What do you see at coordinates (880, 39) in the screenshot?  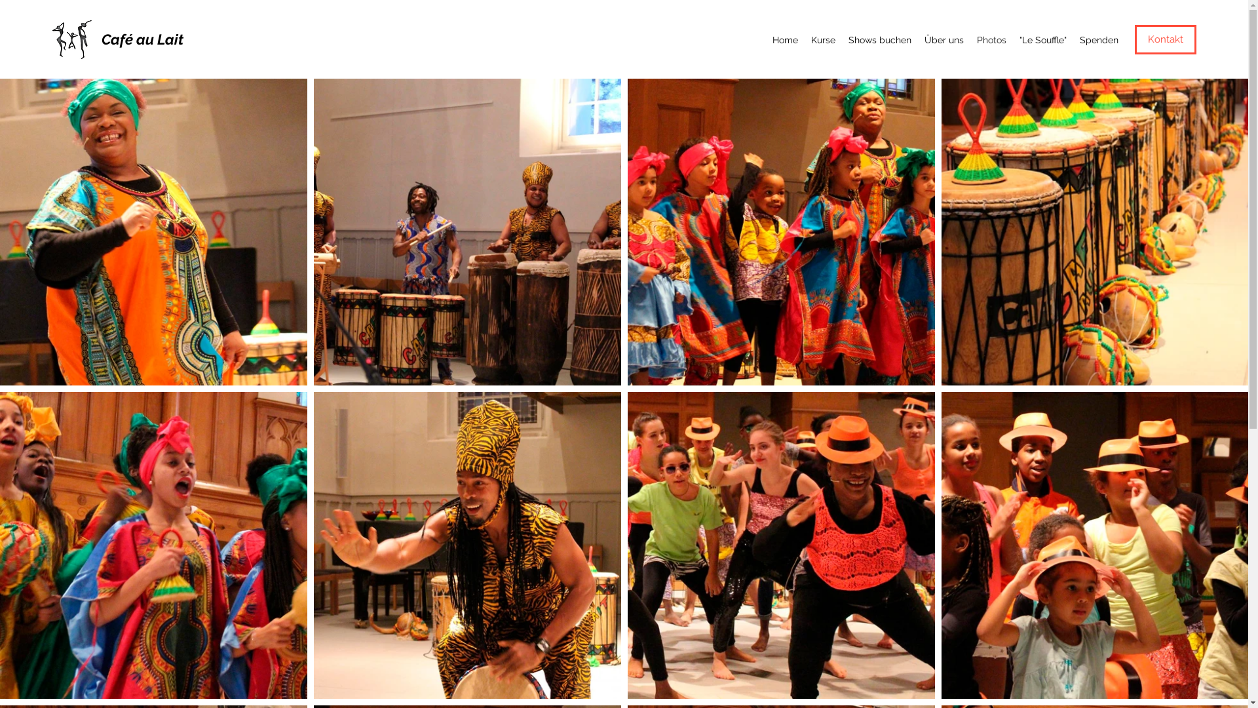 I see `'Shows buchen'` at bounding box center [880, 39].